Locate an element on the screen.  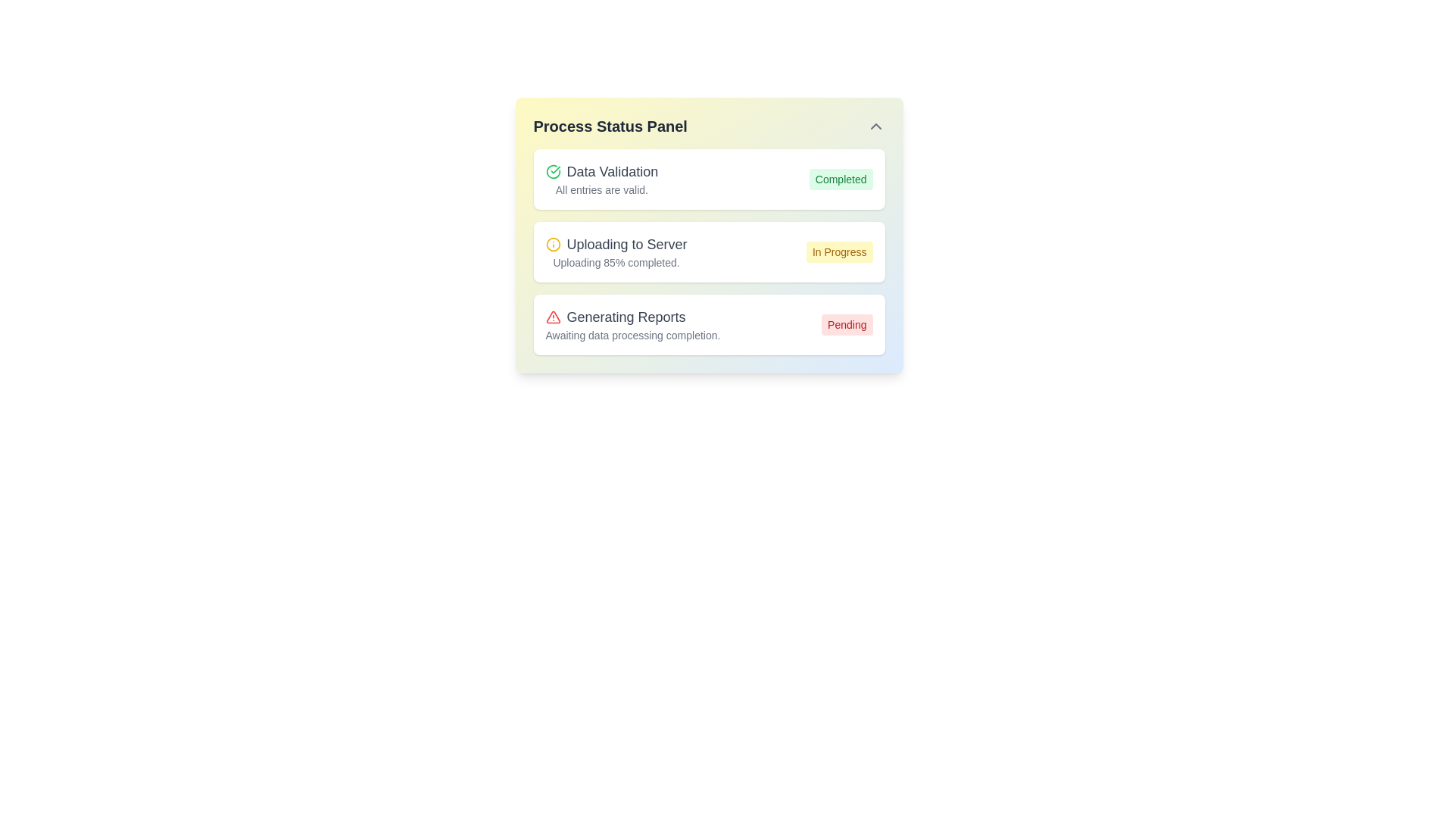
the 'Completed' tag in the Information block of the status panel is located at coordinates (708, 178).